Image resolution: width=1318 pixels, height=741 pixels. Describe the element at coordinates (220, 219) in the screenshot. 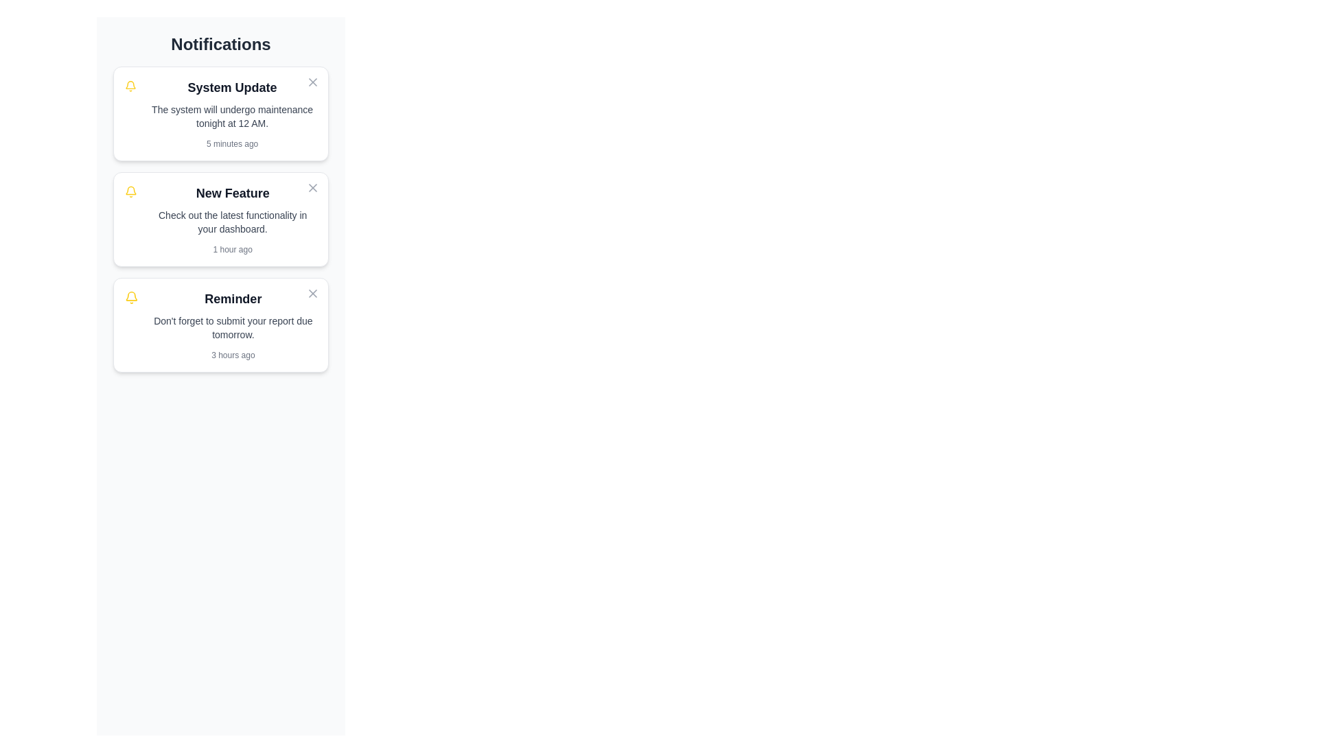

I see `the Notification card titled 'New Feature', which is the second card in the stack of notifications, featuring a yellow bell icon, bold black title, gray description, and a timestamp` at that location.